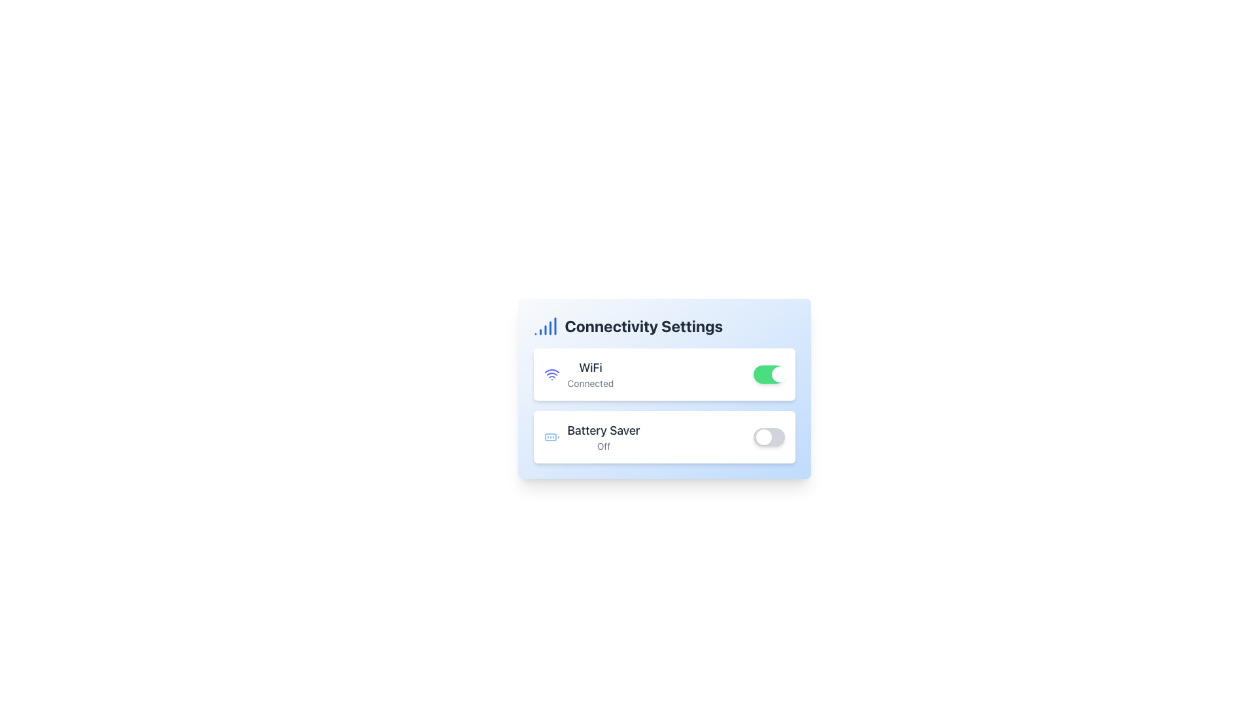 Image resolution: width=1256 pixels, height=706 pixels. What do you see at coordinates (589, 375) in the screenshot?
I see `WiFi status text label that displays 'WiFi' and 'Connected', located in the top section of the Connectivity Settings panel, aligned with the purple WiFi icon and the WiFi toggle button` at bounding box center [589, 375].